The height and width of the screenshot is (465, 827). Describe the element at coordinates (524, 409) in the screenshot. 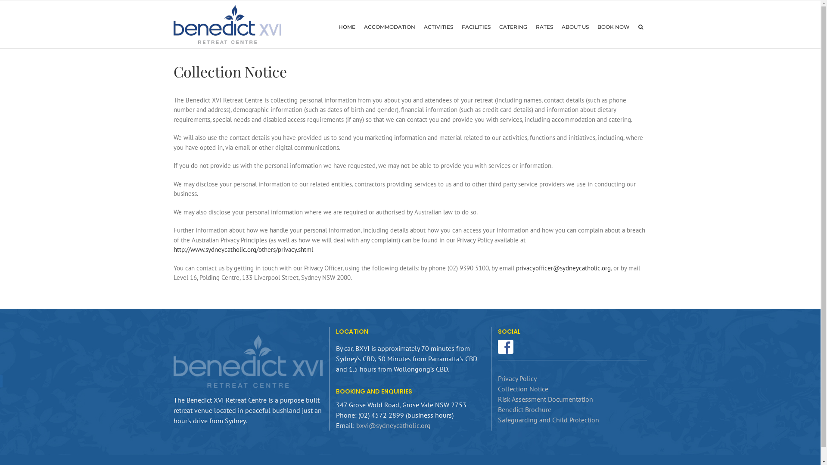

I see `'Benedict Brochure'` at that location.